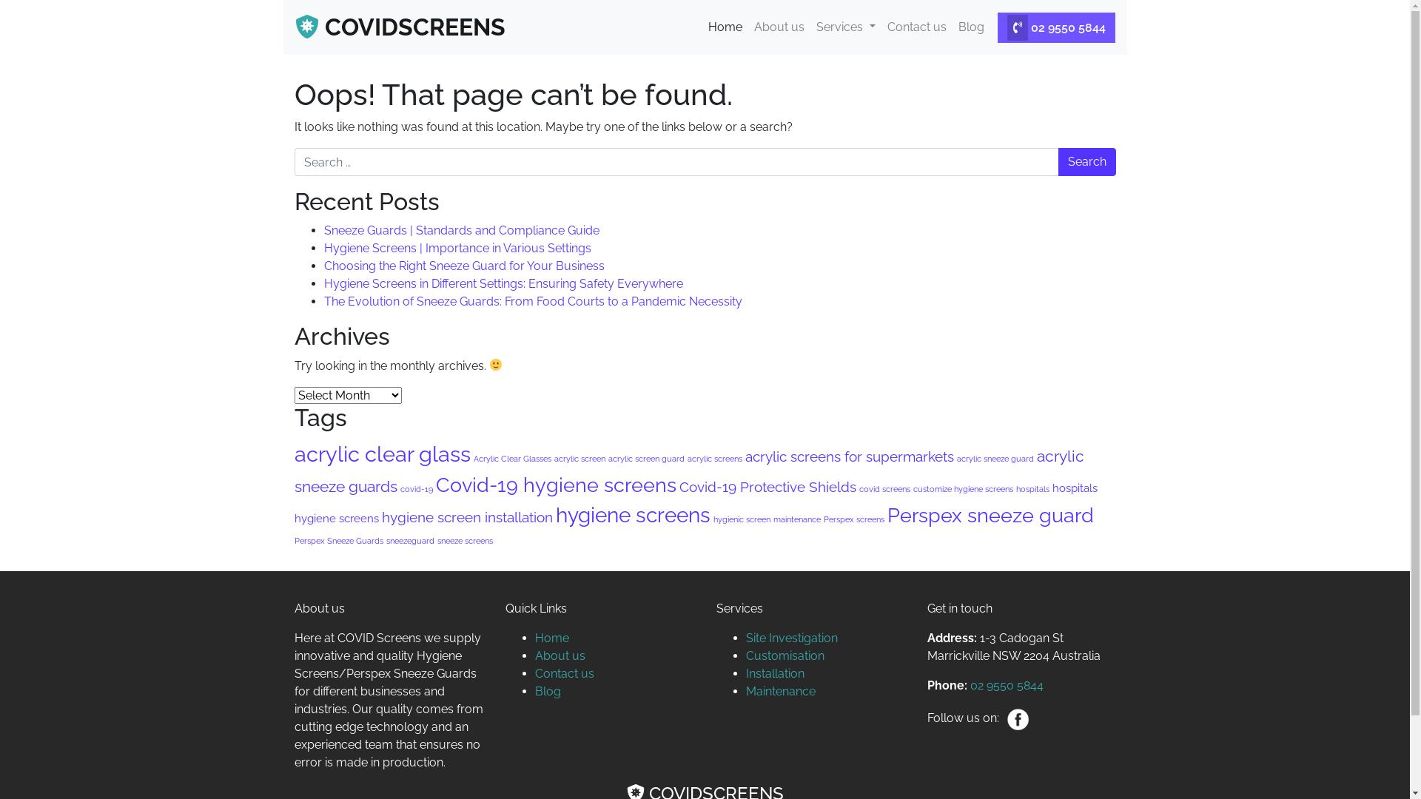 This screenshot has height=799, width=1421. I want to click on 'sneezeguard', so click(410, 541).